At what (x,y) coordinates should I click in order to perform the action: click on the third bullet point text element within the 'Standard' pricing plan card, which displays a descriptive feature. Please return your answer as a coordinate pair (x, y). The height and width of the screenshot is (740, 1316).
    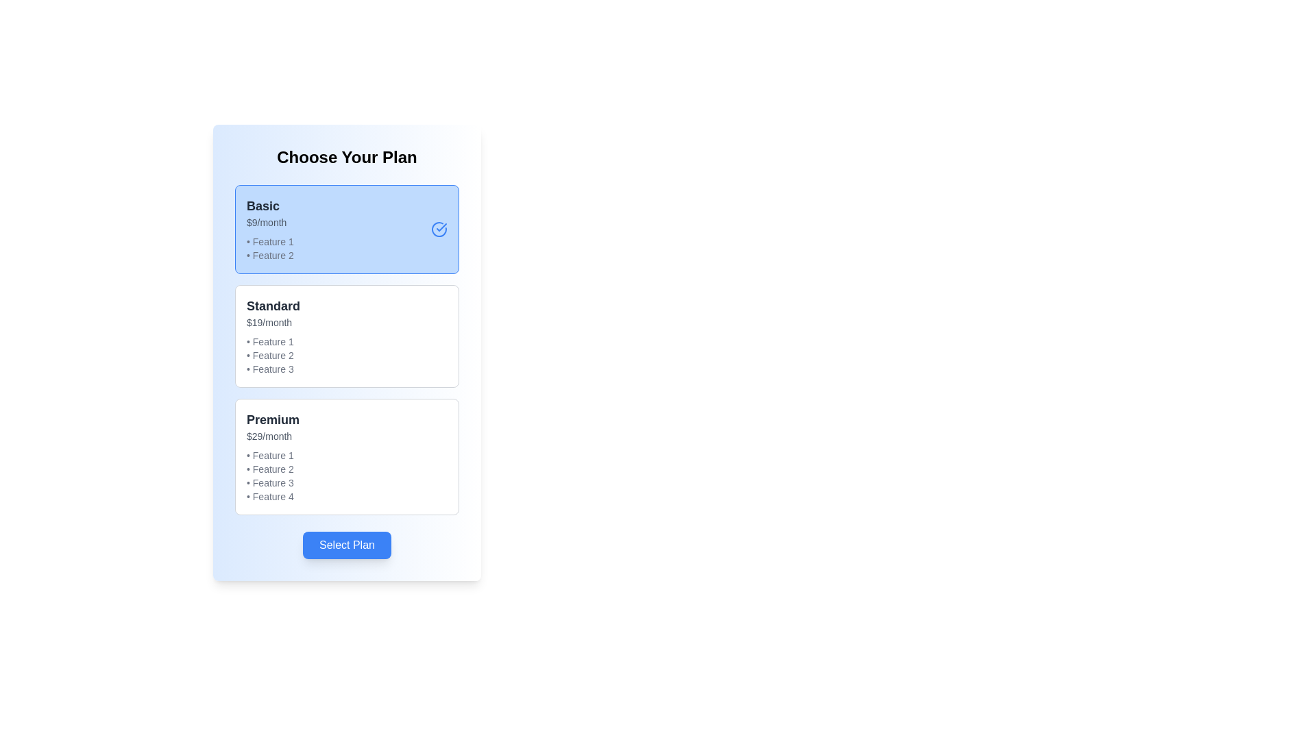
    Looking at the image, I should click on (273, 369).